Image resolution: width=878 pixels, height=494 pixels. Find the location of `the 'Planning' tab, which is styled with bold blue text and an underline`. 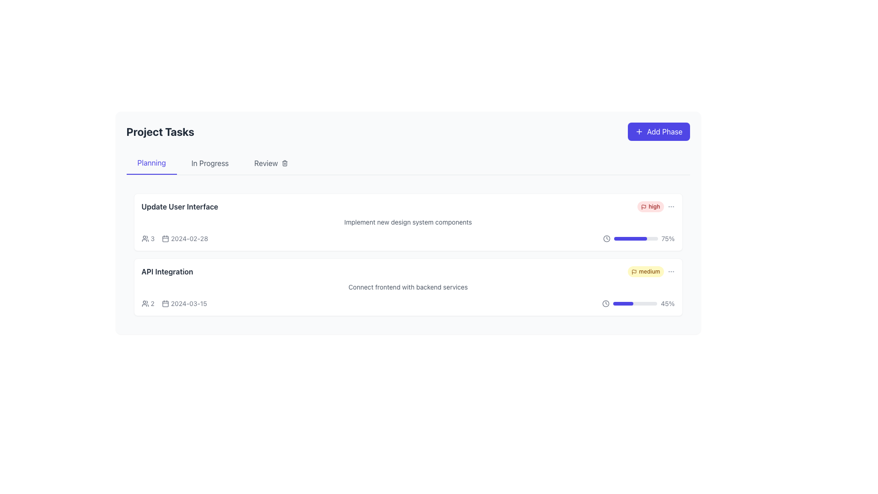

the 'Planning' tab, which is styled with bold blue text and an underline is located at coordinates (151, 163).